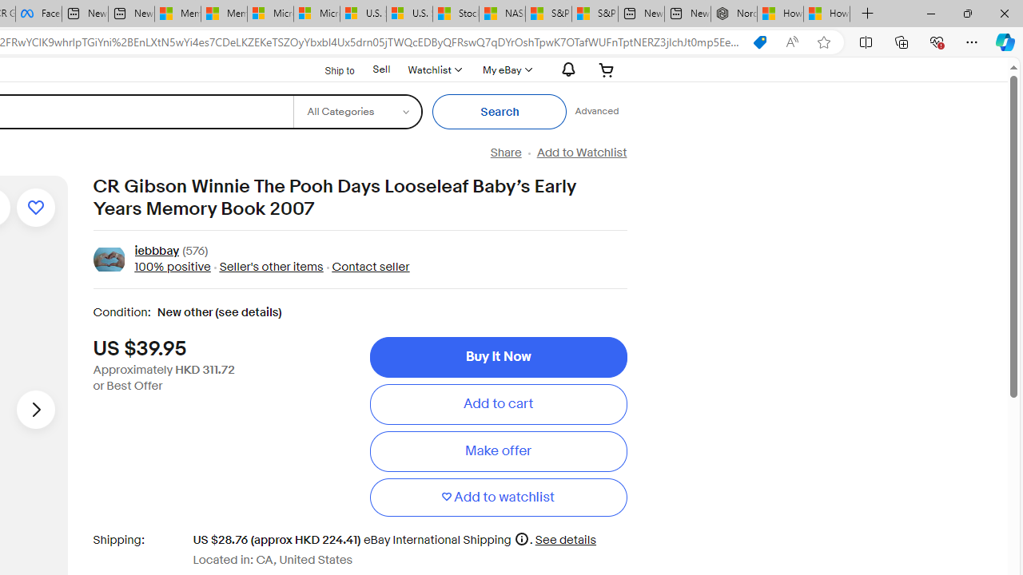 The height and width of the screenshot is (575, 1023). I want to click on 'Add to Watchlist', so click(580, 153).